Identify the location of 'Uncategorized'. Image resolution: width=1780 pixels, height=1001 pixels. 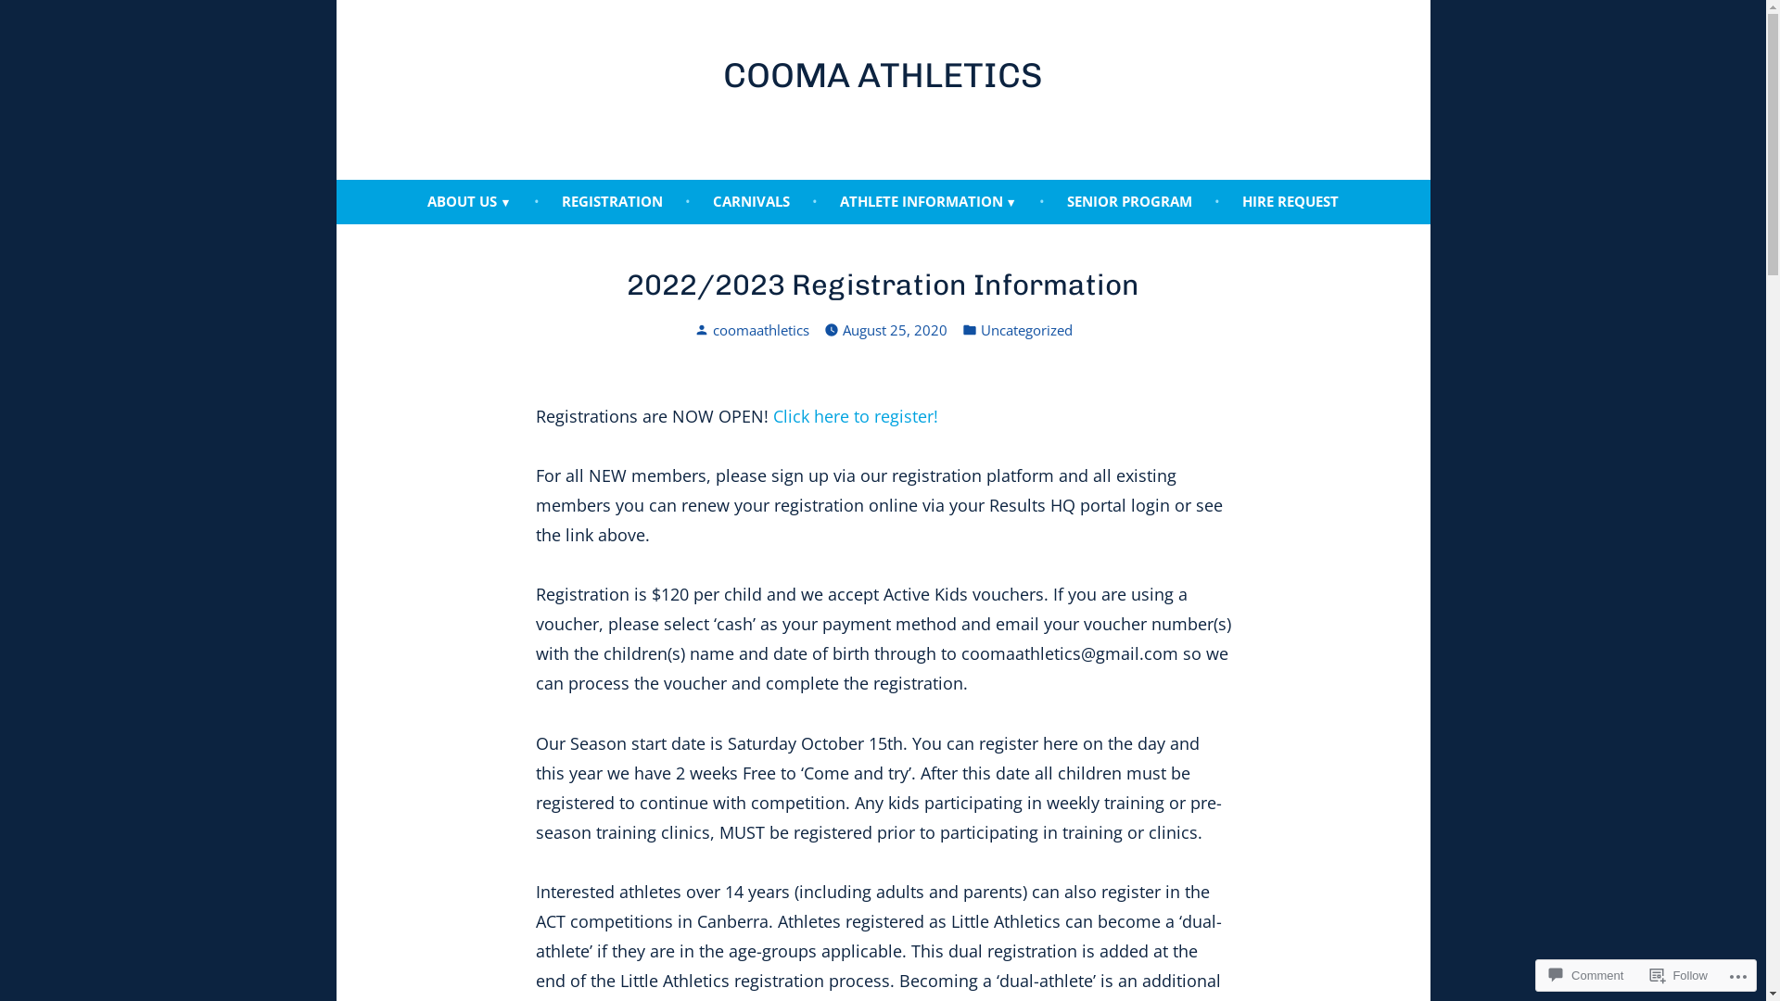
(1025, 329).